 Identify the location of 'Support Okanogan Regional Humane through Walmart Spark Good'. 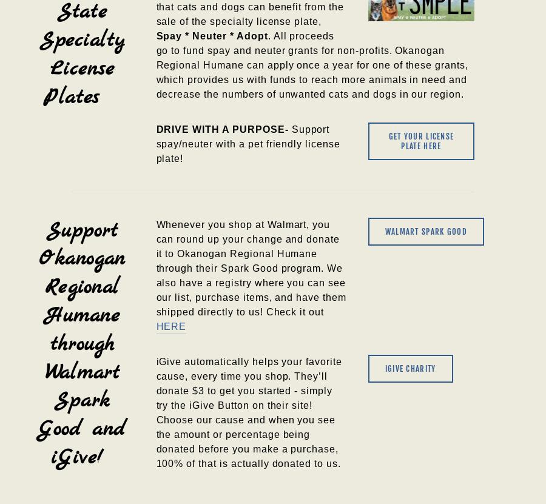
(87, 329).